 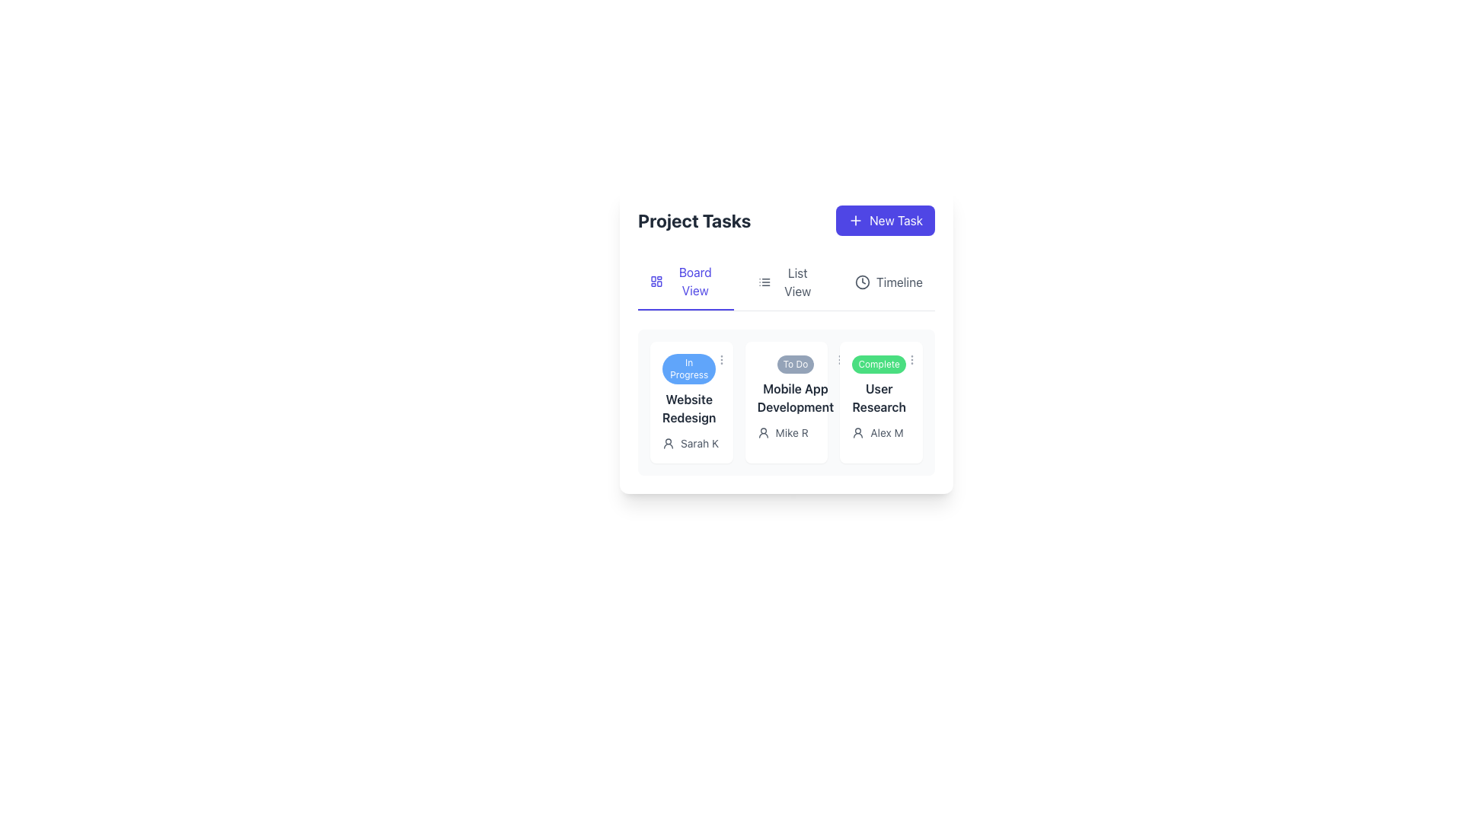 What do you see at coordinates (862, 282) in the screenshot?
I see `the circular boundary of the clock icon located in the top-right corner of the 'Project Tasks' interface, above the 'Board View' tabs and next to the 'Timeline' label` at bounding box center [862, 282].